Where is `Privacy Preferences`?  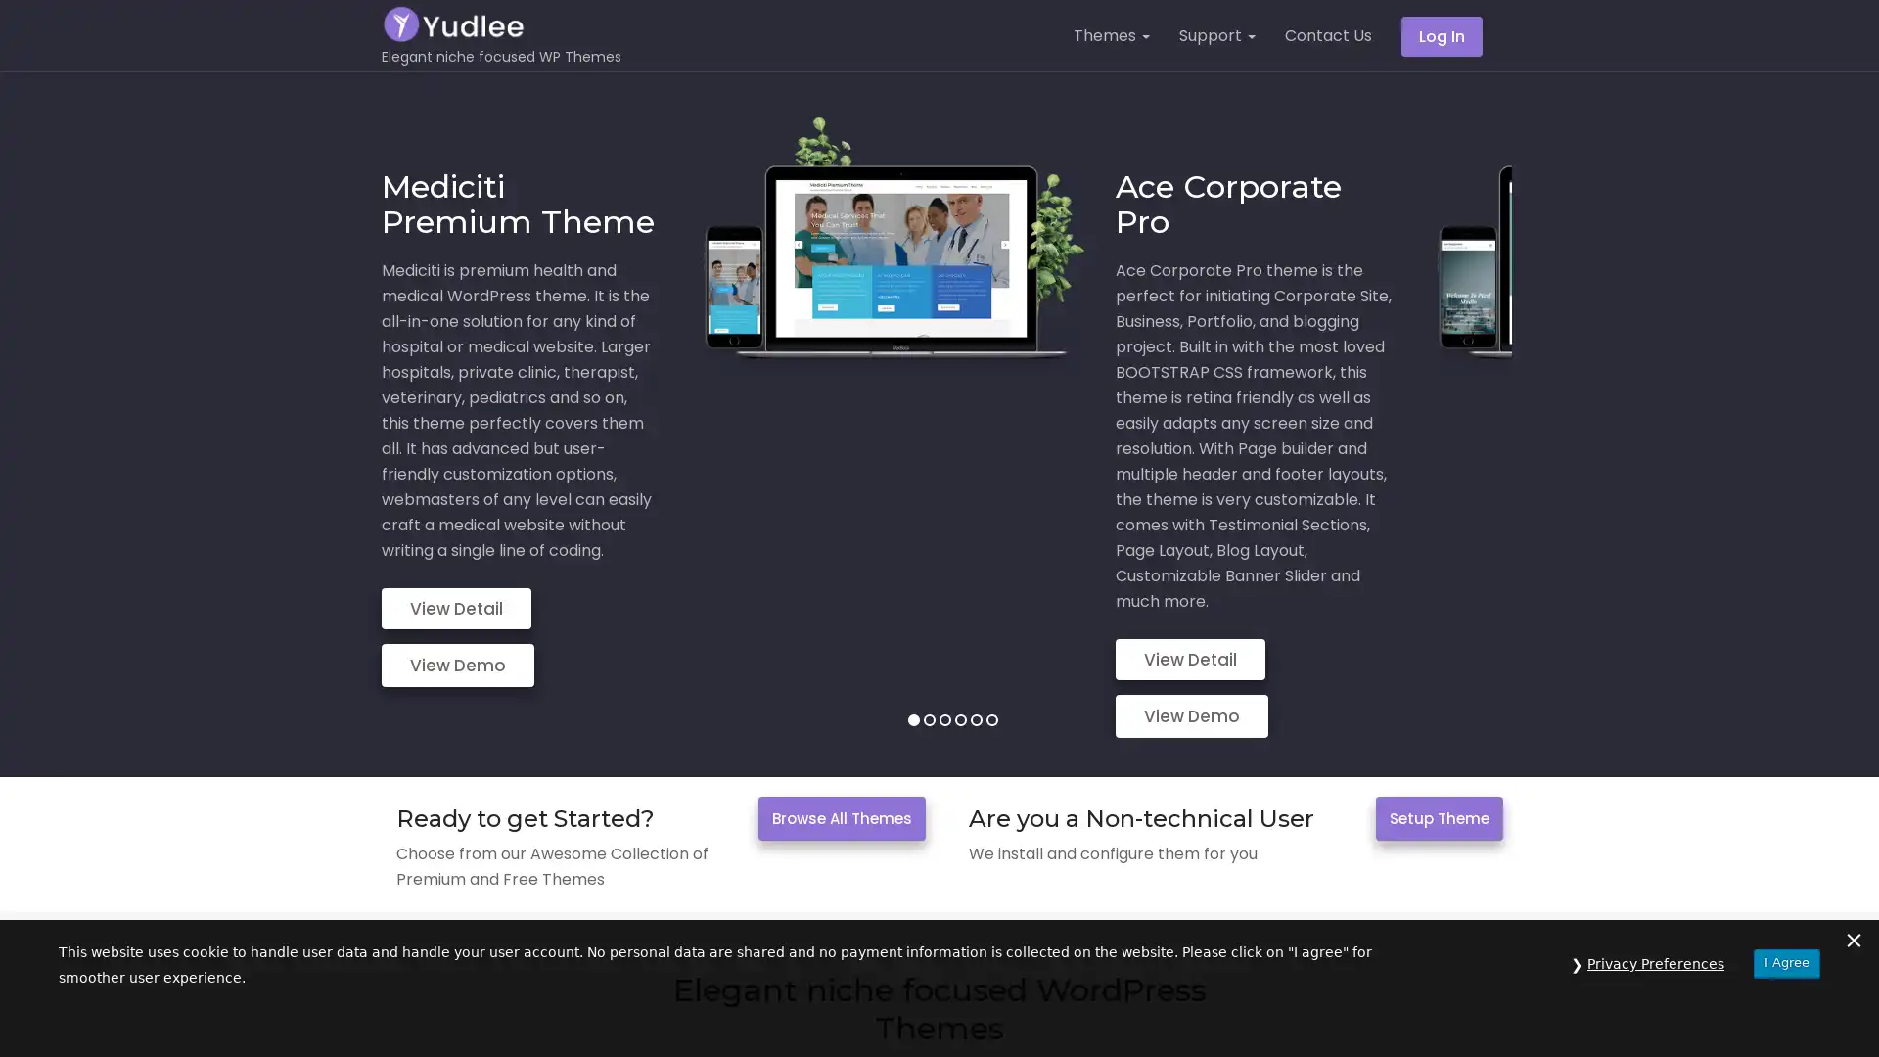
Privacy Preferences is located at coordinates (1655, 1011).